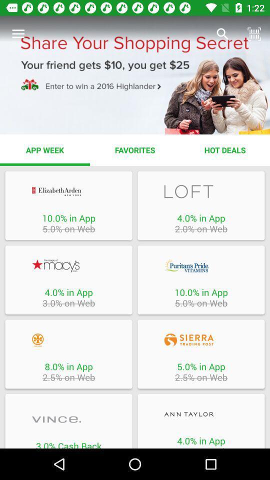  Describe the element at coordinates (201, 414) in the screenshot. I see `link to website` at that location.